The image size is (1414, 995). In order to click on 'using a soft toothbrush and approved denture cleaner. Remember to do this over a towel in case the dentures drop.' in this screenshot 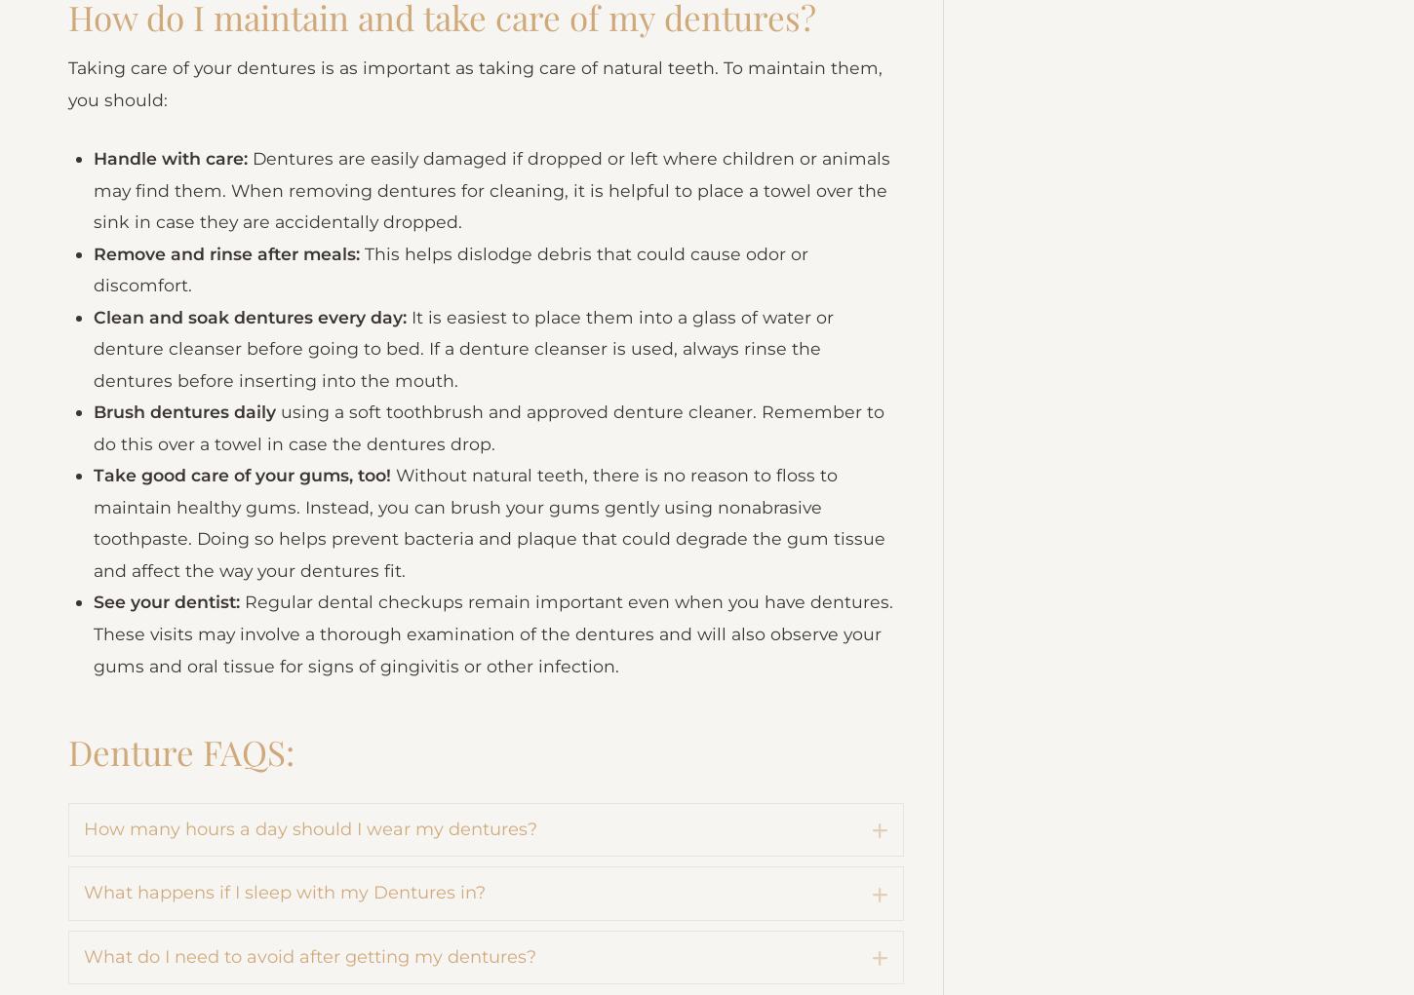, I will do `click(494, 545)`.